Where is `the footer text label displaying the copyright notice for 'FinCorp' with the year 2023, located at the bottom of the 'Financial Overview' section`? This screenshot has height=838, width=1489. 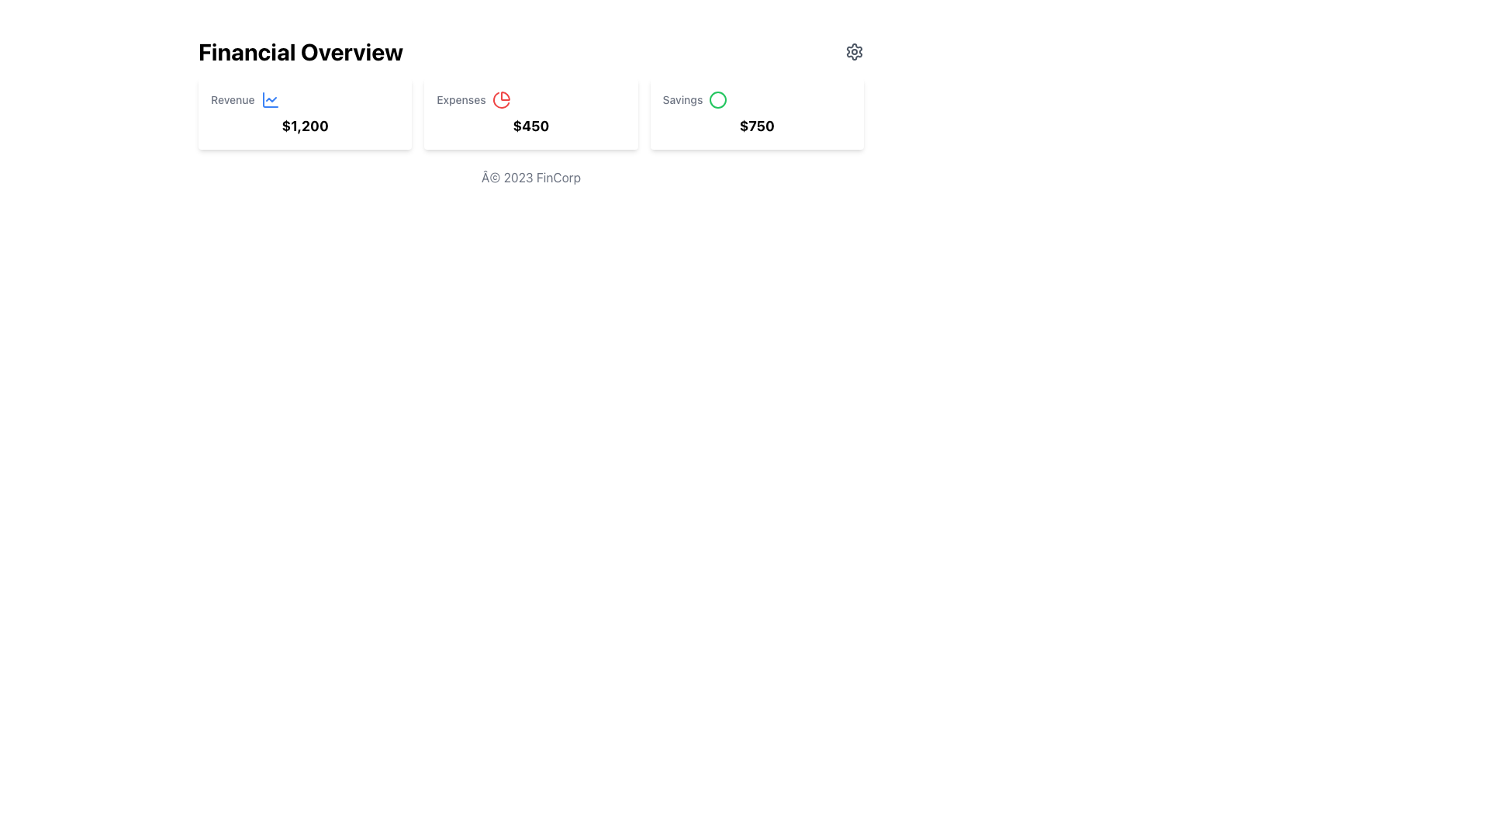
the footer text label displaying the copyright notice for 'FinCorp' with the year 2023, located at the bottom of the 'Financial Overview' section is located at coordinates (531, 176).